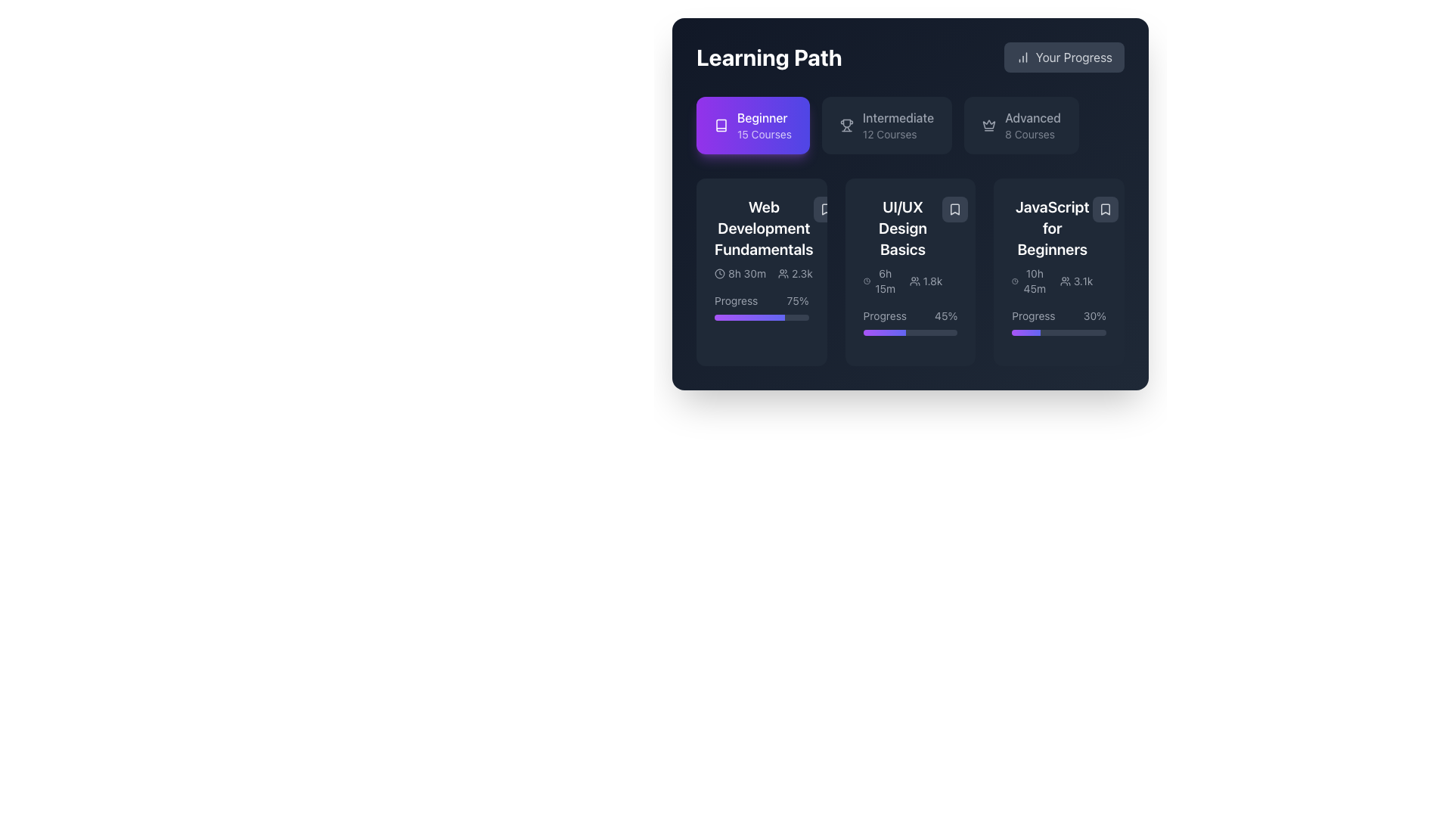 This screenshot has height=817, width=1452. I want to click on the text element displaying the number of participants engaged in the 'UI/UX Design Basics' course, located to the right of the duration value '6h 15m' and above the progress bar, so click(925, 281).